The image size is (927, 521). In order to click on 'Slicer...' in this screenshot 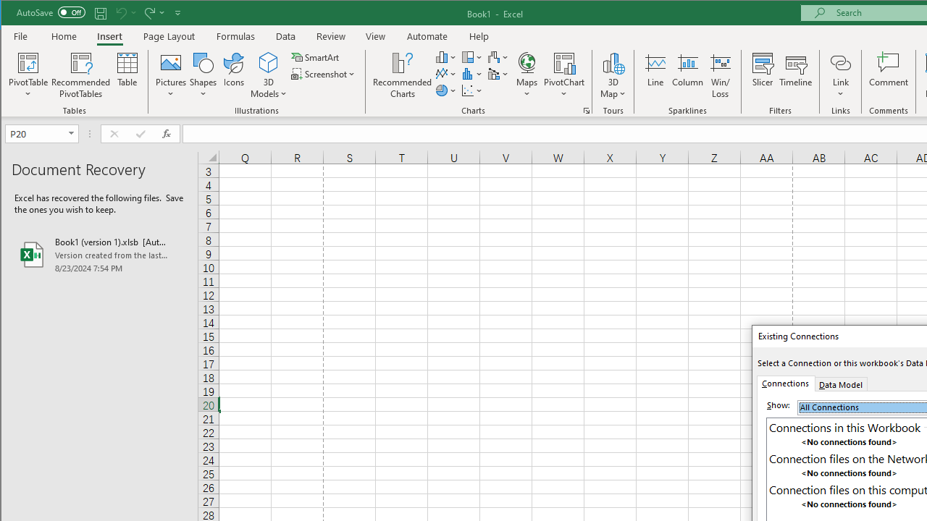, I will do `click(761, 75)`.